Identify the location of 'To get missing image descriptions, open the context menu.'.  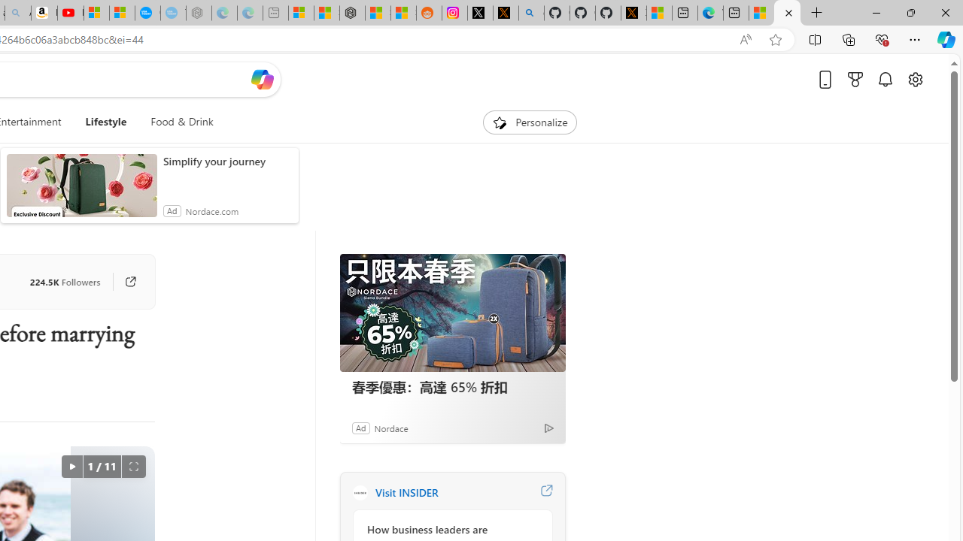
(500, 121).